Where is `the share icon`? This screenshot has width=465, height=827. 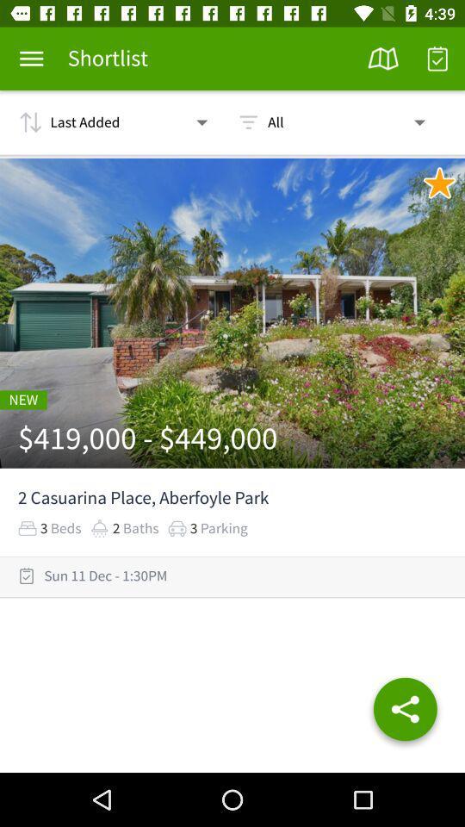
the share icon is located at coordinates (405, 712).